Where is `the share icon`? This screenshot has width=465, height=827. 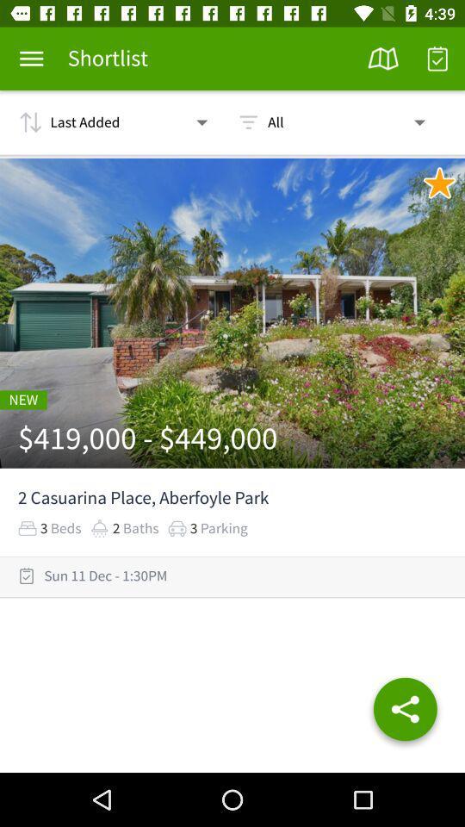
the share icon is located at coordinates (405, 712).